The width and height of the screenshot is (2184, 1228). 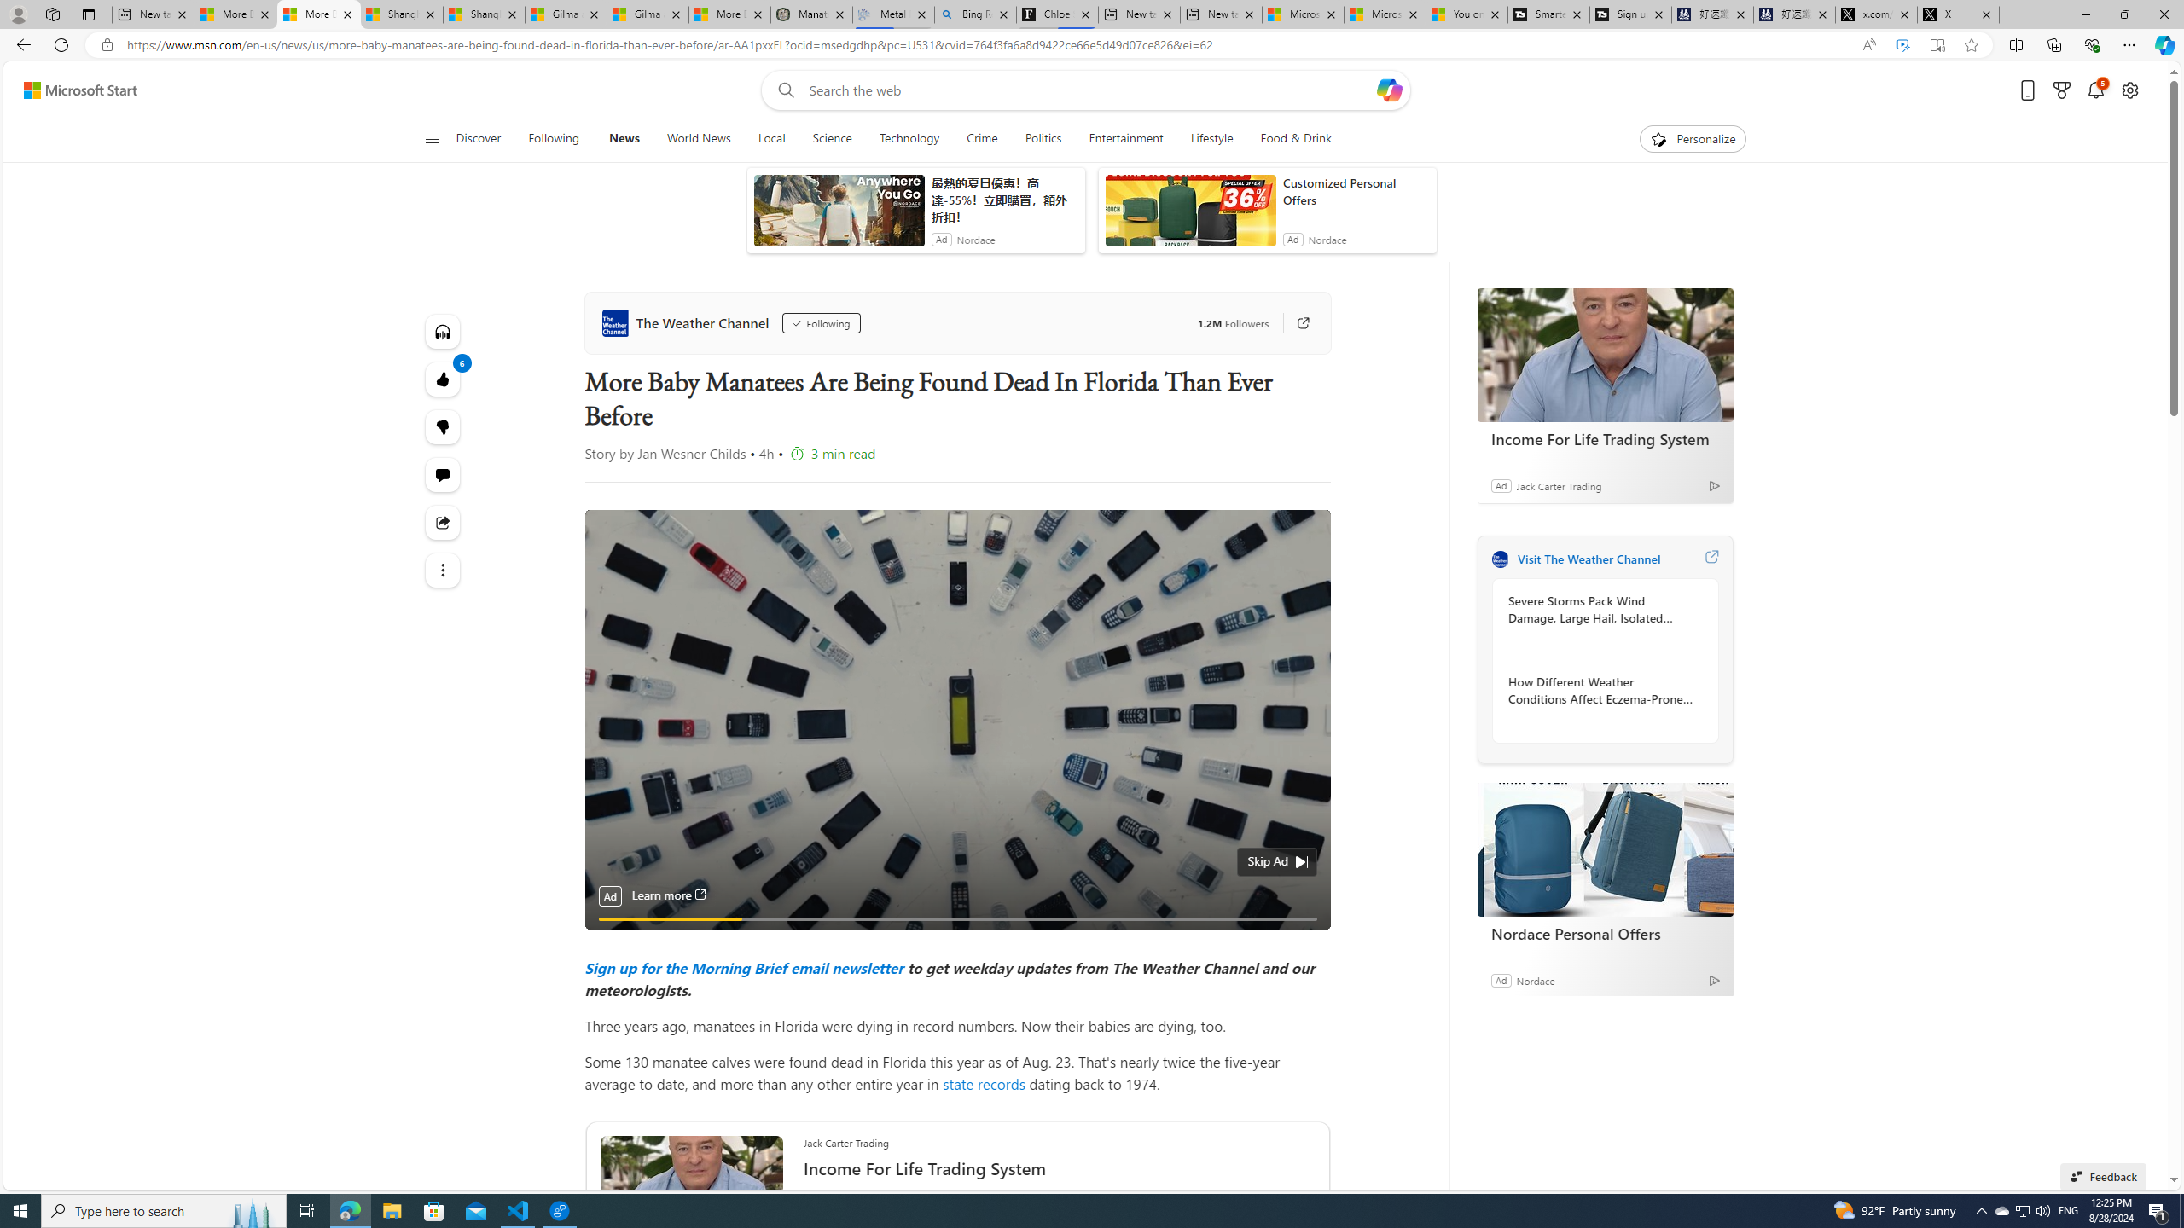 I want to click on 'Following', so click(x=553, y=138).